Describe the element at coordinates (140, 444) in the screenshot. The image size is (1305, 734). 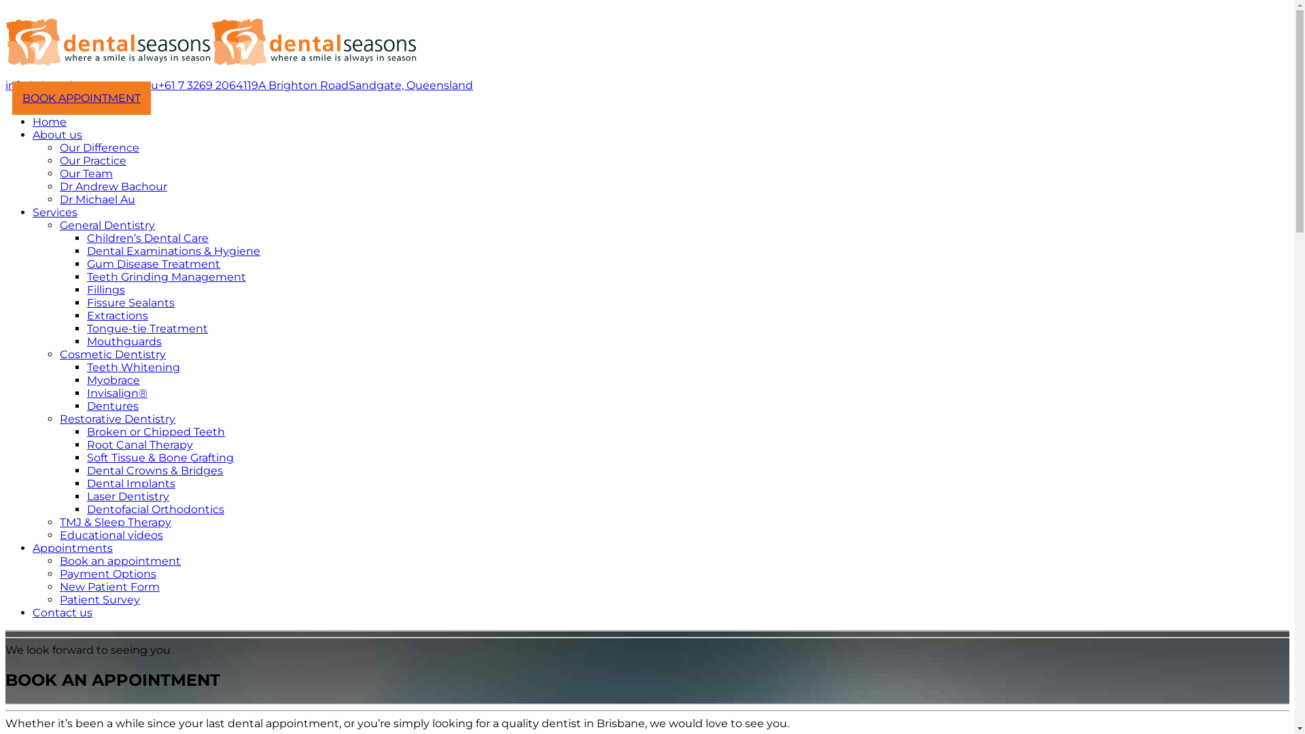
I see `'Root Canal Therapy'` at that location.